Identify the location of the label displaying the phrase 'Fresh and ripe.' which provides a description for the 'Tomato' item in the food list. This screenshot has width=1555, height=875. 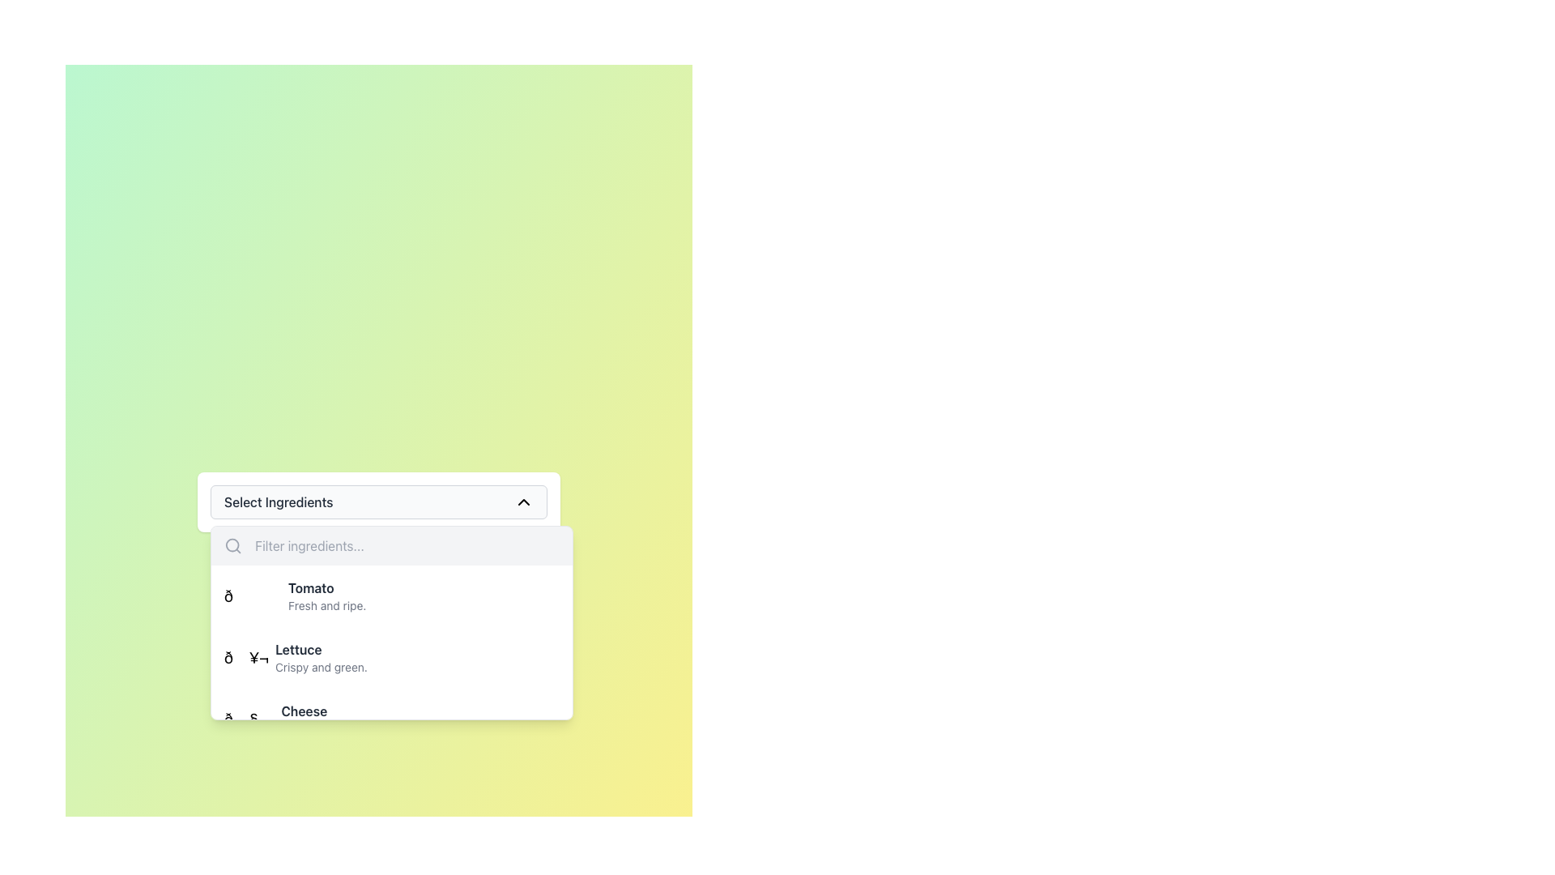
(326, 606).